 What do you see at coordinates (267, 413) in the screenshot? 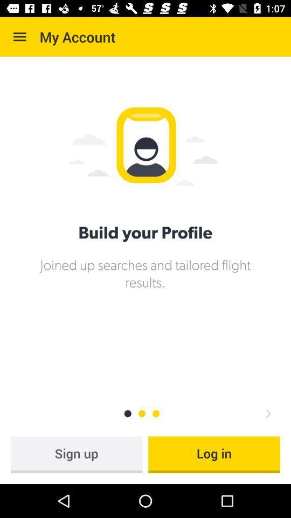
I see `go forward` at bounding box center [267, 413].